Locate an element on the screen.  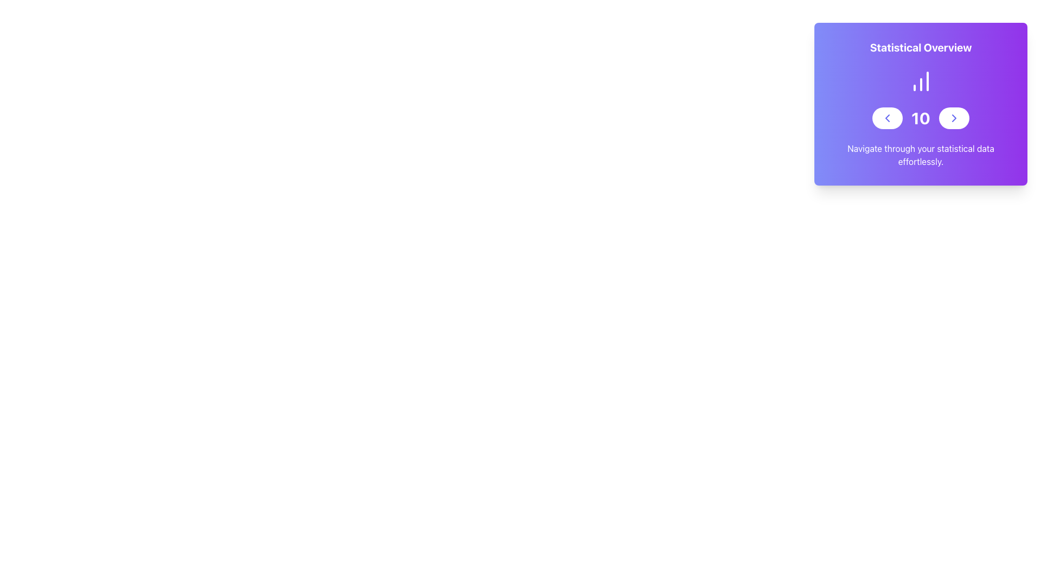
the circular button with a white background and blue arrow icon pointing to the left, located within a card interface, to trigger hover states is located at coordinates (887, 118).